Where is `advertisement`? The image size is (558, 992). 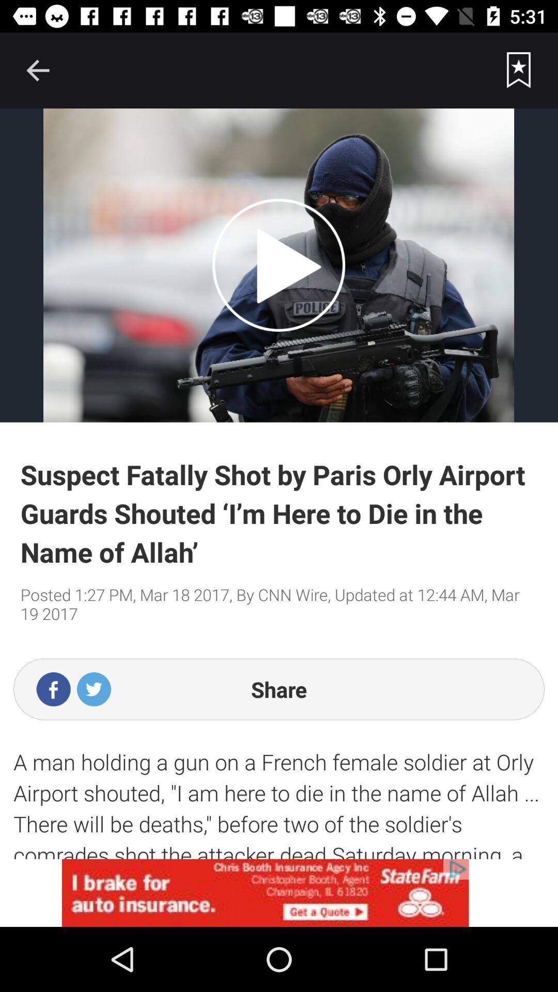
advertisement is located at coordinates (279, 892).